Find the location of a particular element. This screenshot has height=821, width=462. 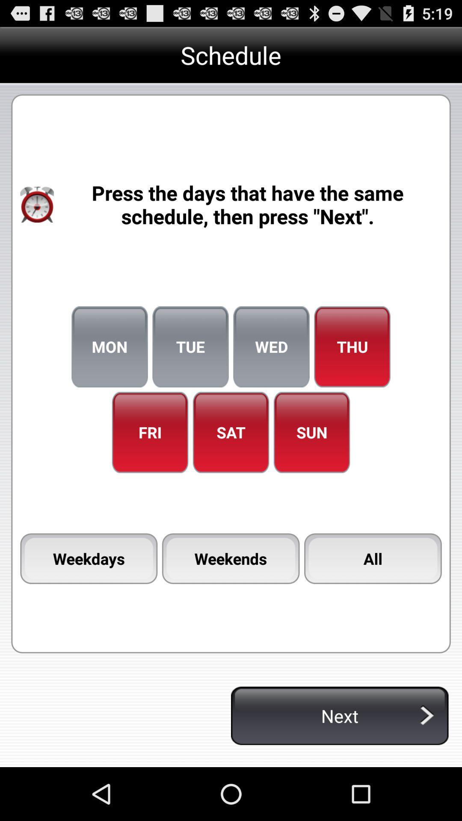

icon below the sun item is located at coordinates (372, 558).